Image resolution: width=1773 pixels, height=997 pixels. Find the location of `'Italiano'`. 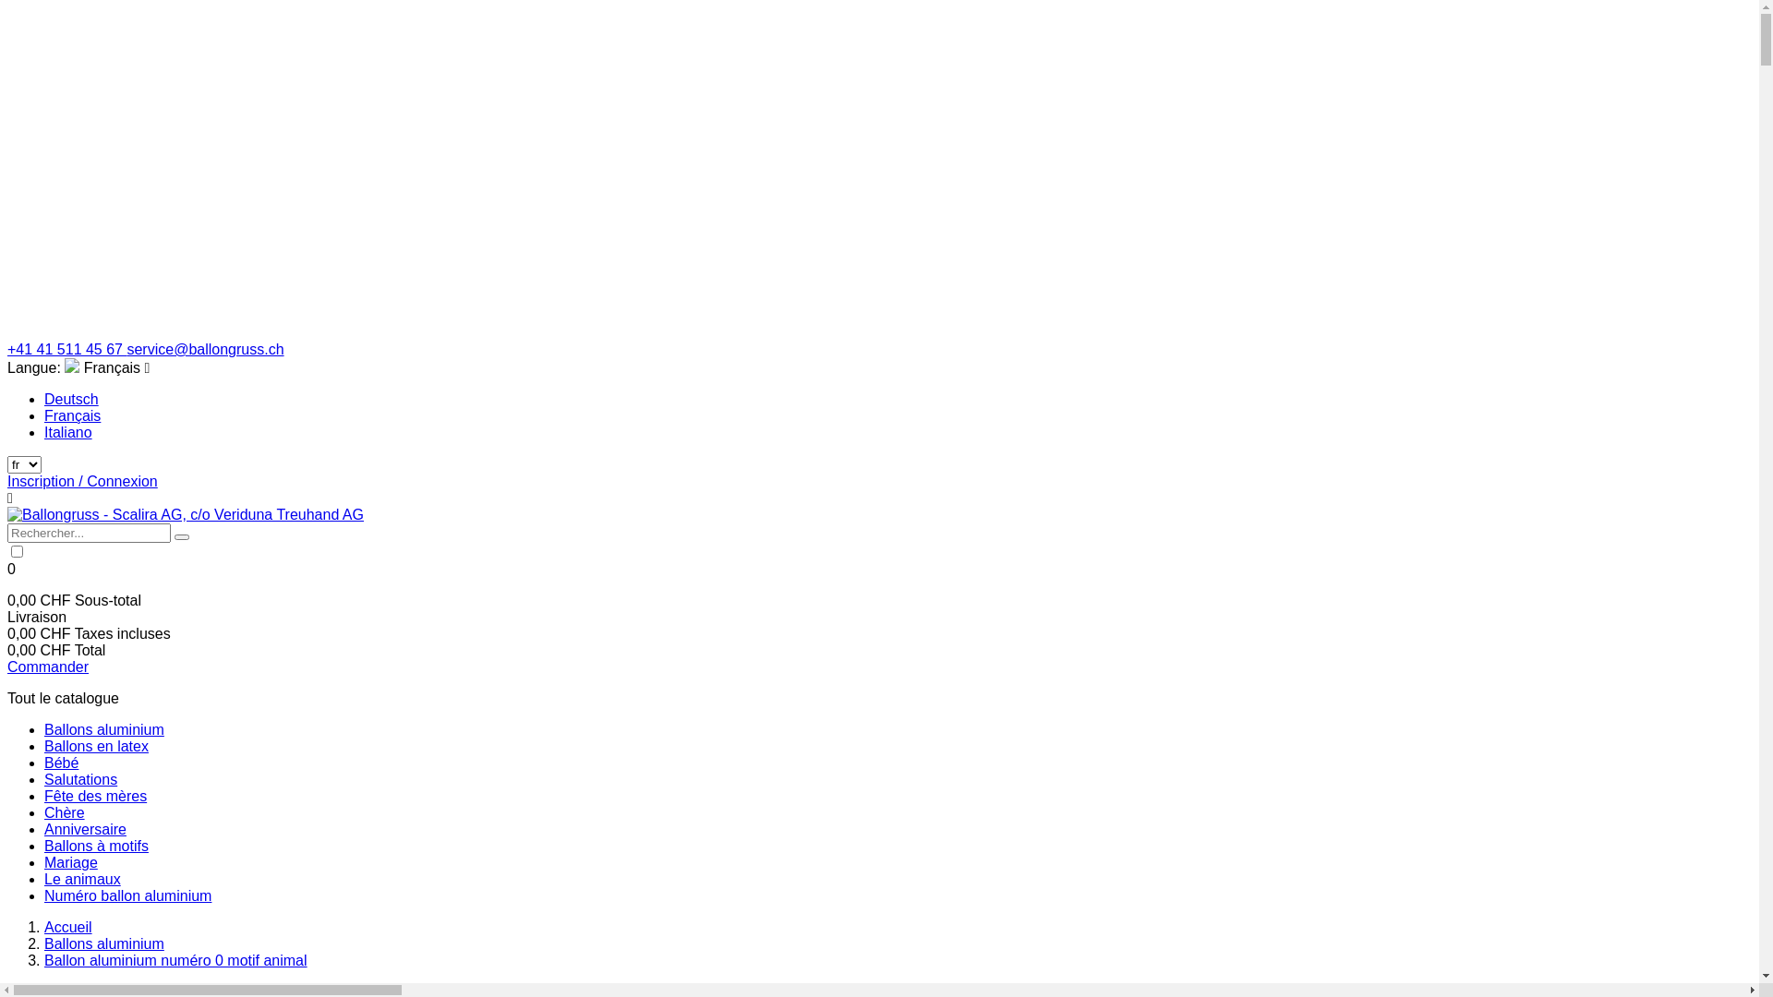

'Italiano' is located at coordinates (67, 432).